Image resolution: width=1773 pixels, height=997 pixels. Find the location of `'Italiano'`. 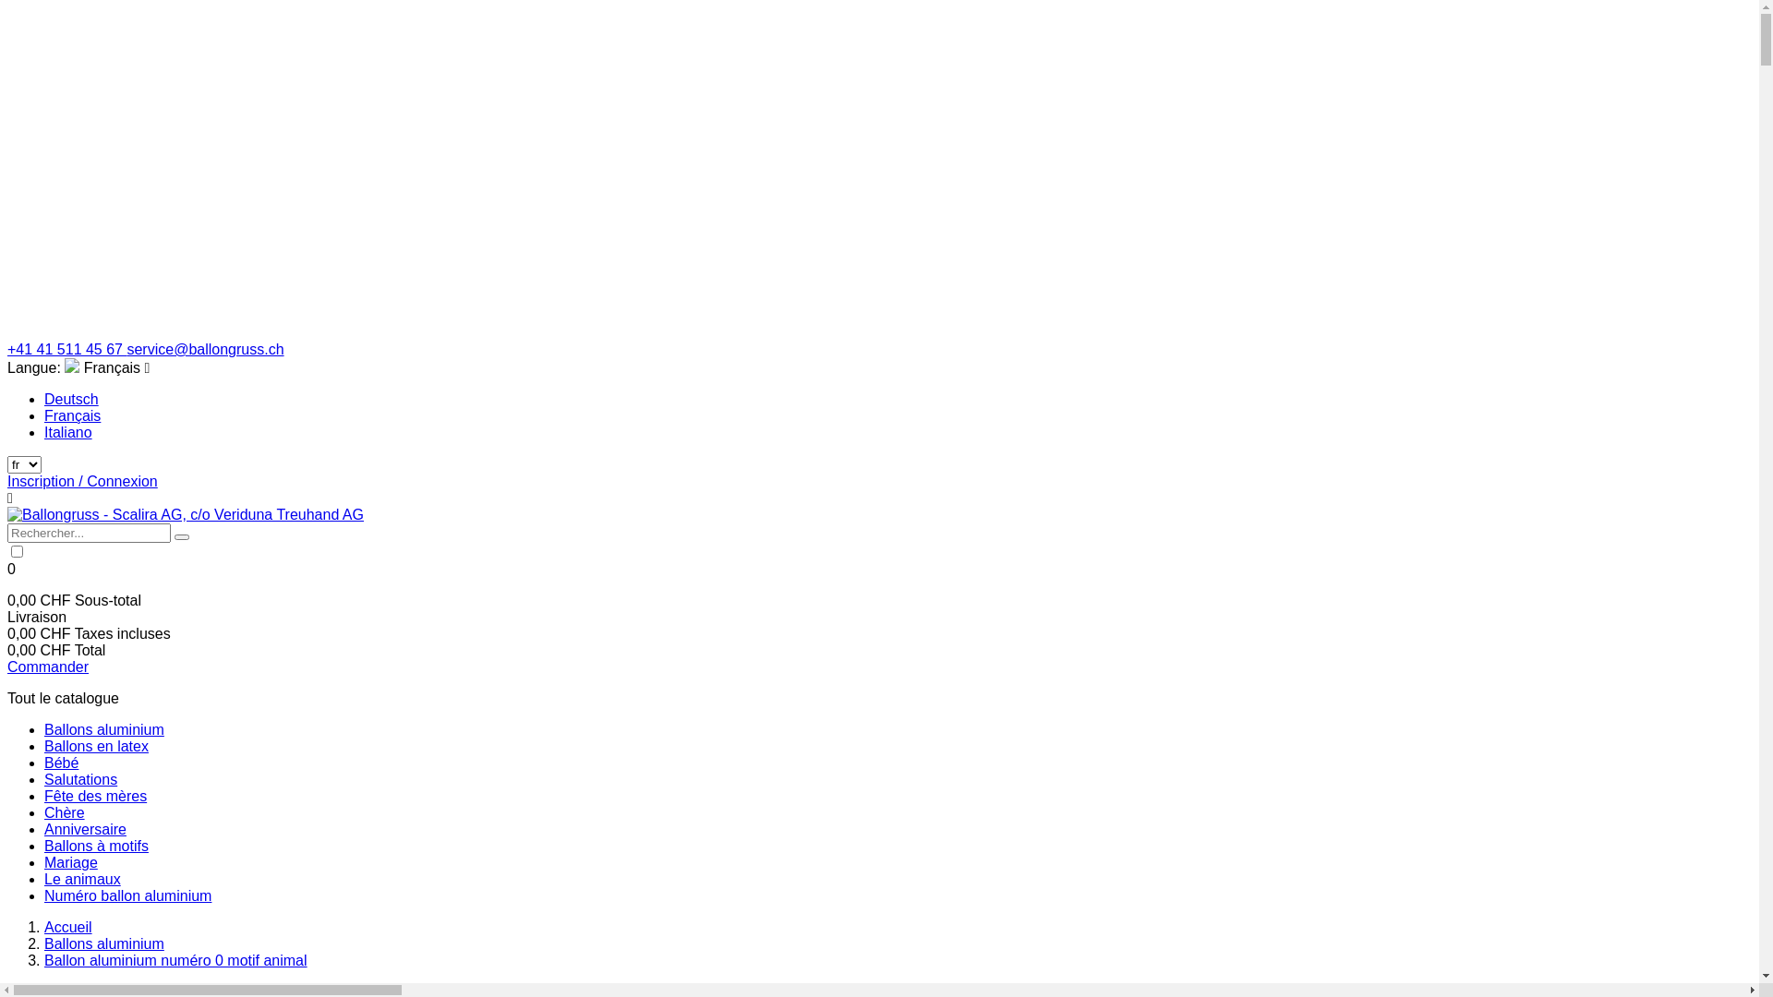

'Italiano' is located at coordinates (67, 432).